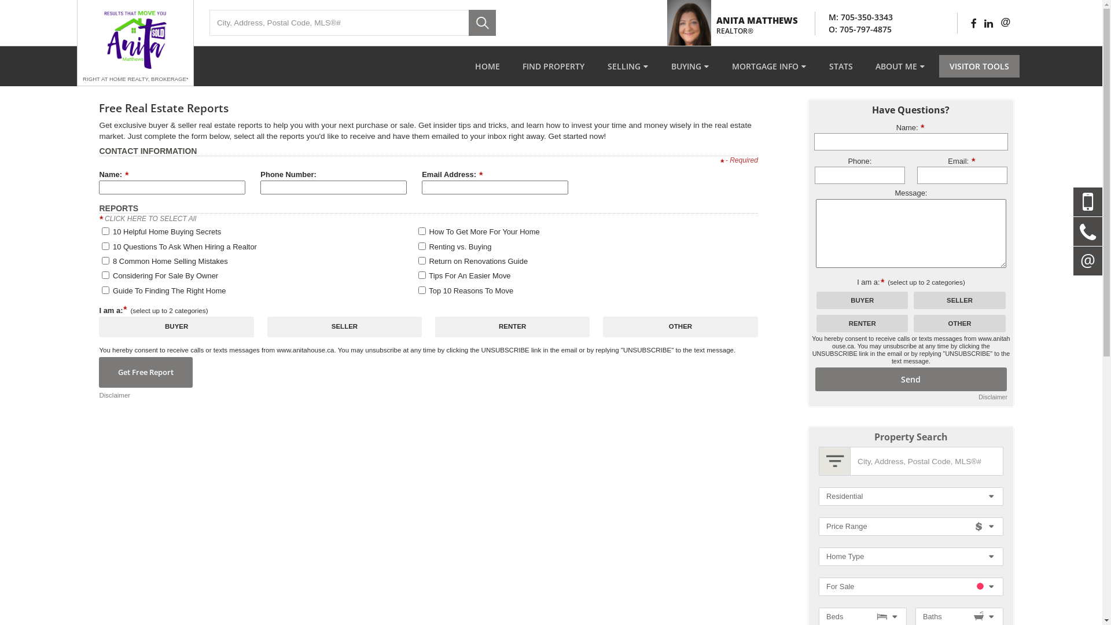 The width and height of the screenshot is (1111, 625). I want to click on 'Residential', so click(910, 495).